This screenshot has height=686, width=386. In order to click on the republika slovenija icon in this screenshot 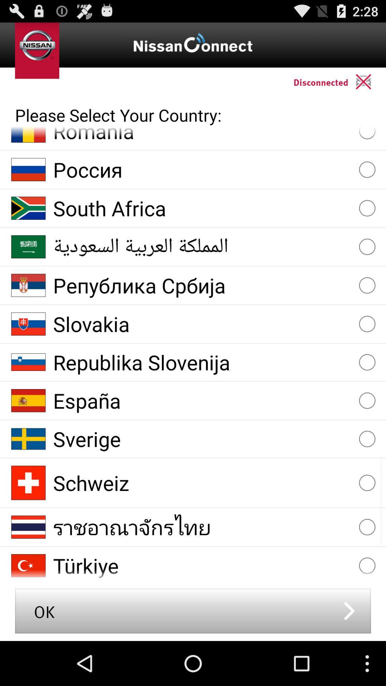, I will do `click(203, 362)`.